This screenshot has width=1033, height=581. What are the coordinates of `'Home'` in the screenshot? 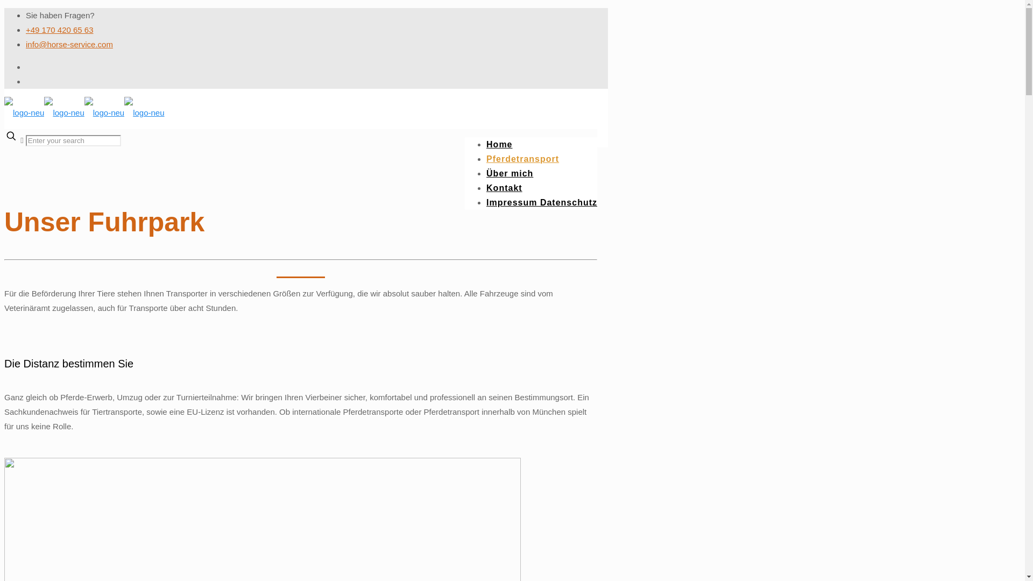 It's located at (498, 144).